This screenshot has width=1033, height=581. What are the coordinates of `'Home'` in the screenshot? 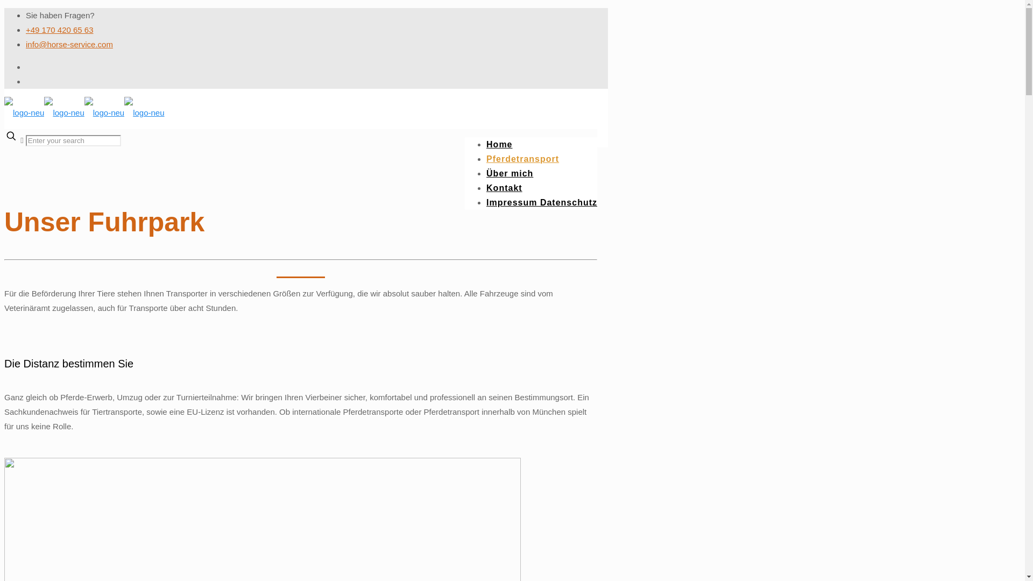 It's located at (498, 144).